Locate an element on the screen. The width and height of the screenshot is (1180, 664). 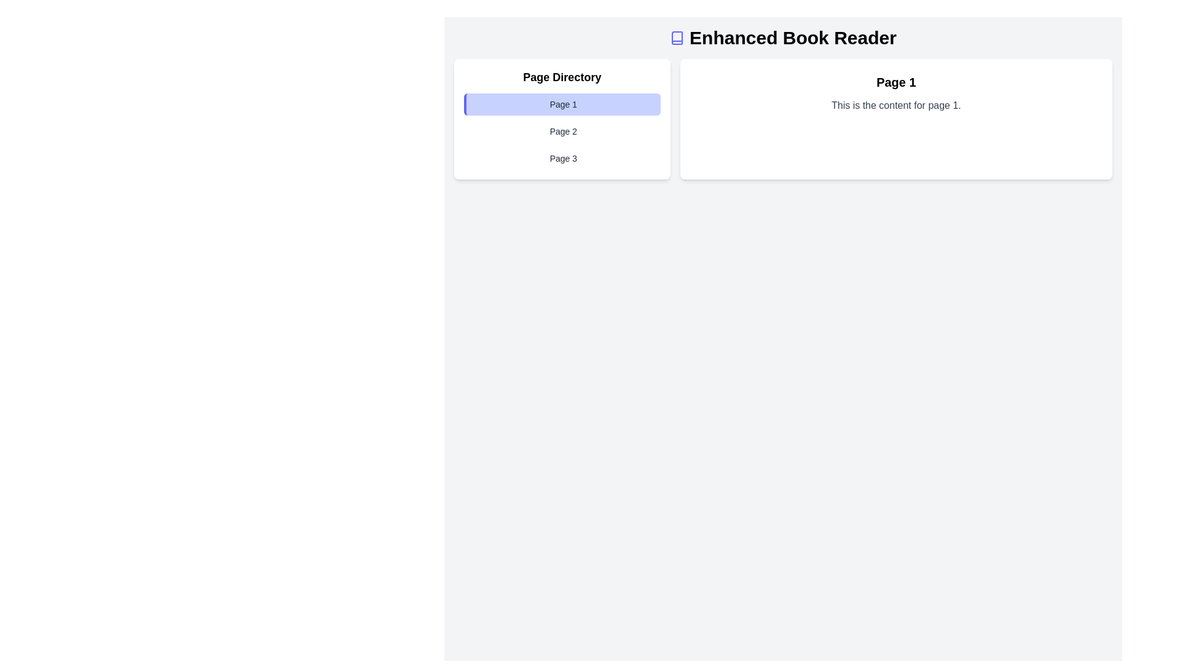
the decorative vector icon representing a book or a library, located near the text 'Enhanced Book Reader' in the header section is located at coordinates (677, 37).